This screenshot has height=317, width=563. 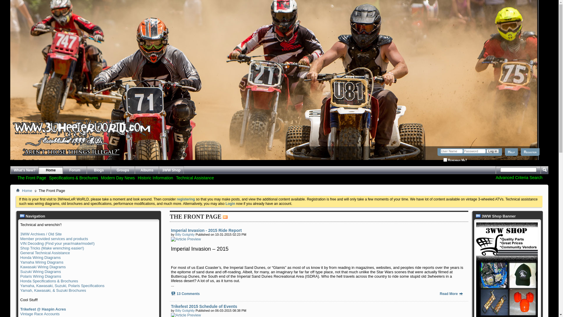 What do you see at coordinates (170, 306) in the screenshot?
I see `'Trikefest 2015 Schedule of Events'` at bounding box center [170, 306].